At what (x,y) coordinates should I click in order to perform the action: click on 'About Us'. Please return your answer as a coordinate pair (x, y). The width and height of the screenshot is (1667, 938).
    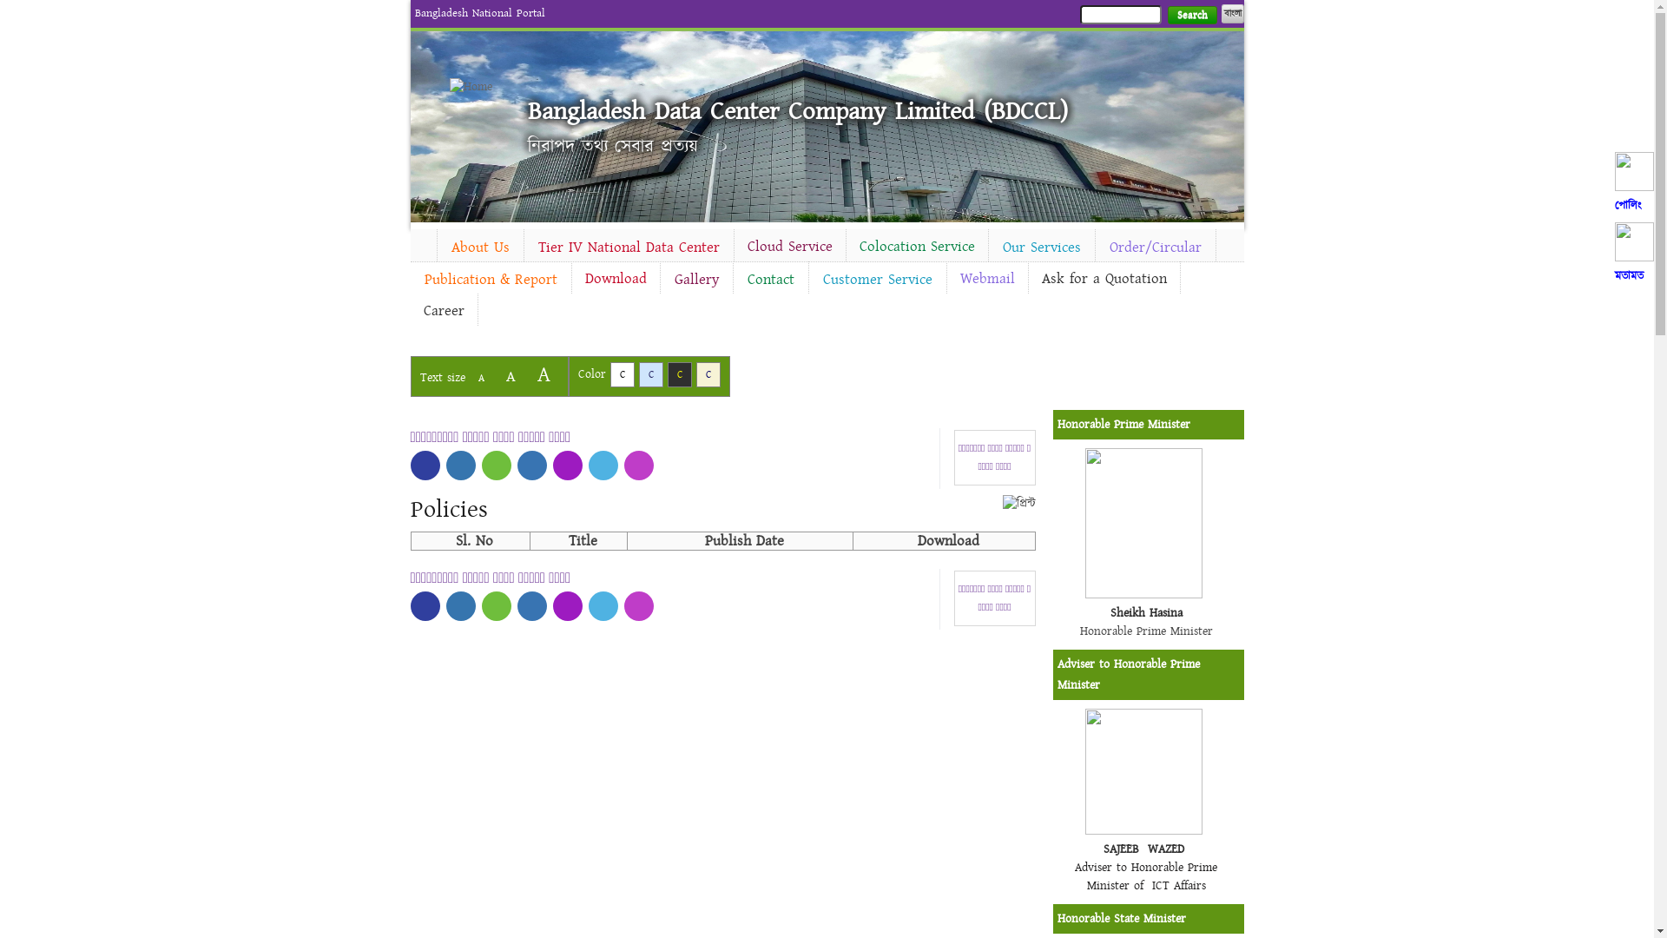
    Looking at the image, I should click on (480, 248).